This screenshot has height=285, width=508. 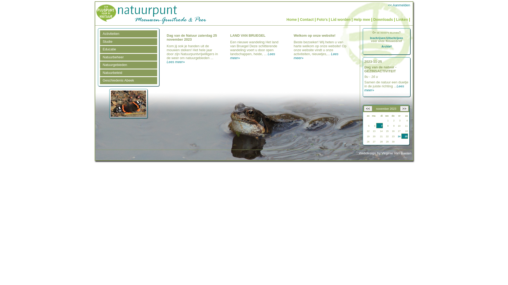 What do you see at coordinates (128, 57) in the screenshot?
I see `'Natuurbeheer'` at bounding box center [128, 57].